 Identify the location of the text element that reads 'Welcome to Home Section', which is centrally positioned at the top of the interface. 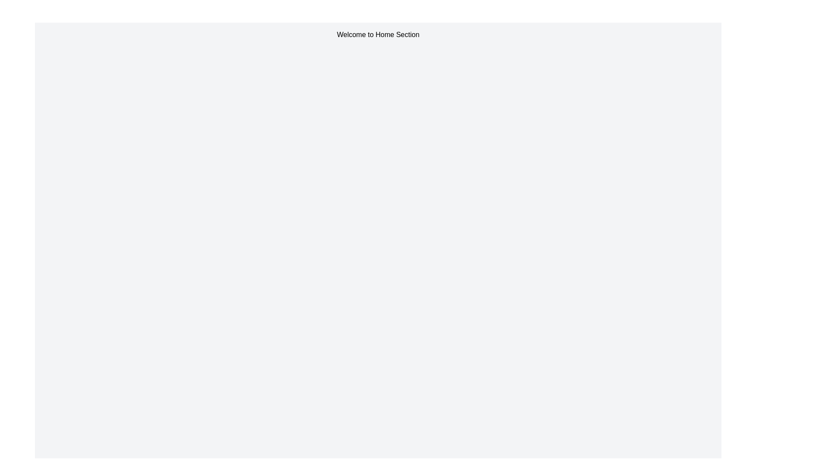
(378, 34).